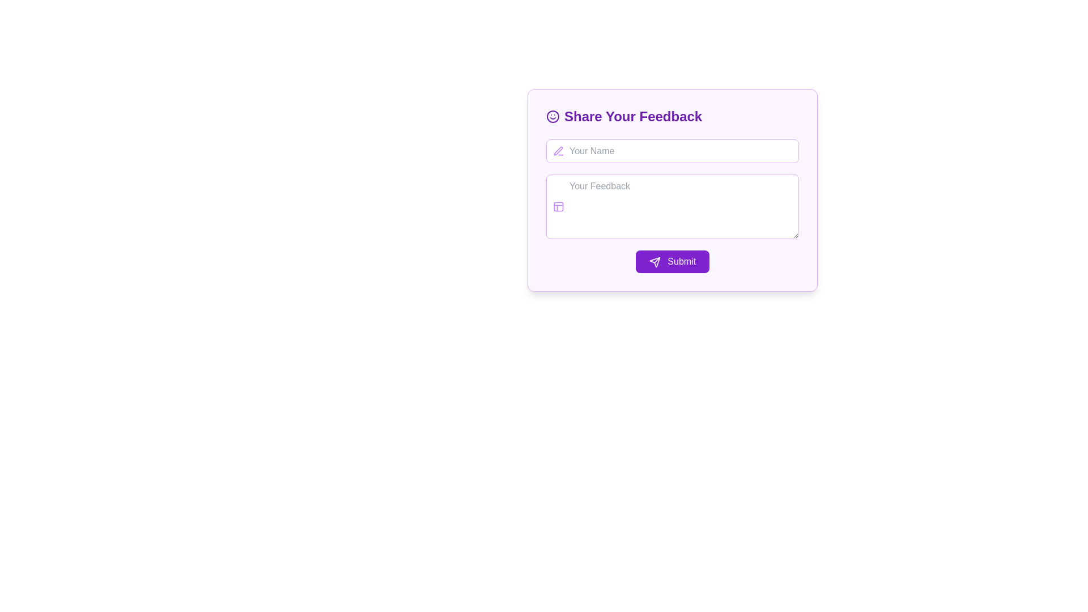  Describe the element at coordinates (552, 116) in the screenshot. I see `the smiley face icon within the 'Share Your Feedback' header of the feedback form, which symbolizes friendliness and positivity` at that location.